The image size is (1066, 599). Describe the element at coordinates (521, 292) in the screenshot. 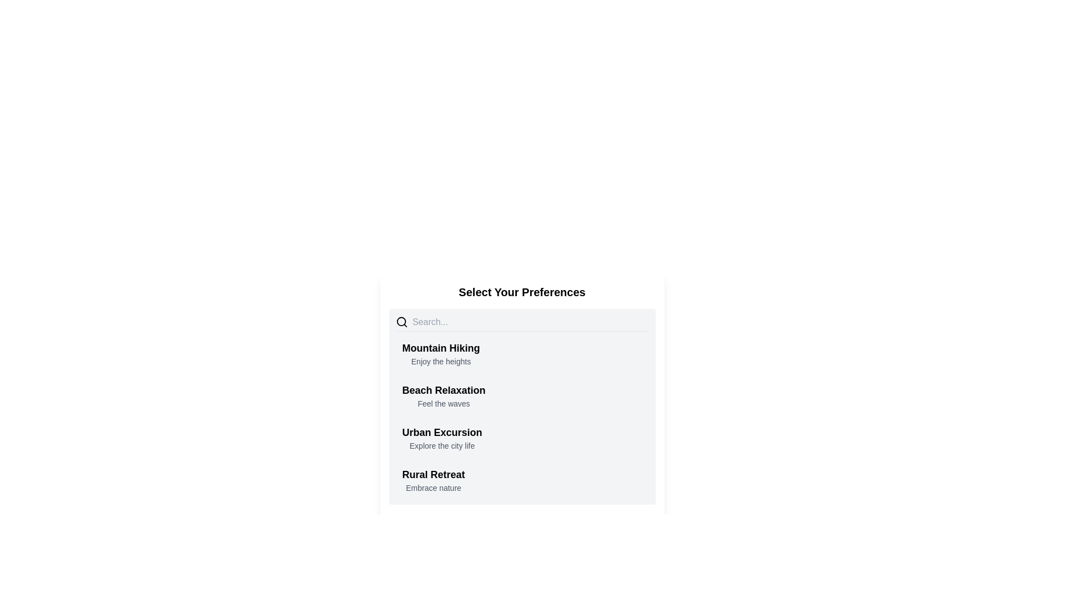

I see `the Header text that serves as the title for the preferences selection section, located above the search bar within a white, centered card` at that location.